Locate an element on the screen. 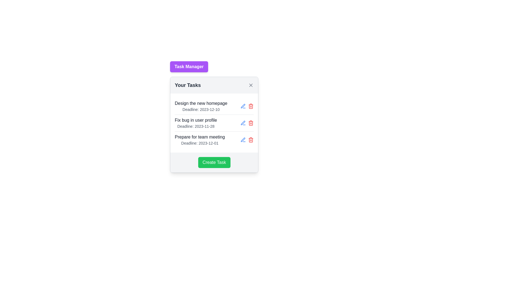 This screenshot has width=530, height=298. the text label reading 'Prepare for team meeting' is located at coordinates (200, 137).